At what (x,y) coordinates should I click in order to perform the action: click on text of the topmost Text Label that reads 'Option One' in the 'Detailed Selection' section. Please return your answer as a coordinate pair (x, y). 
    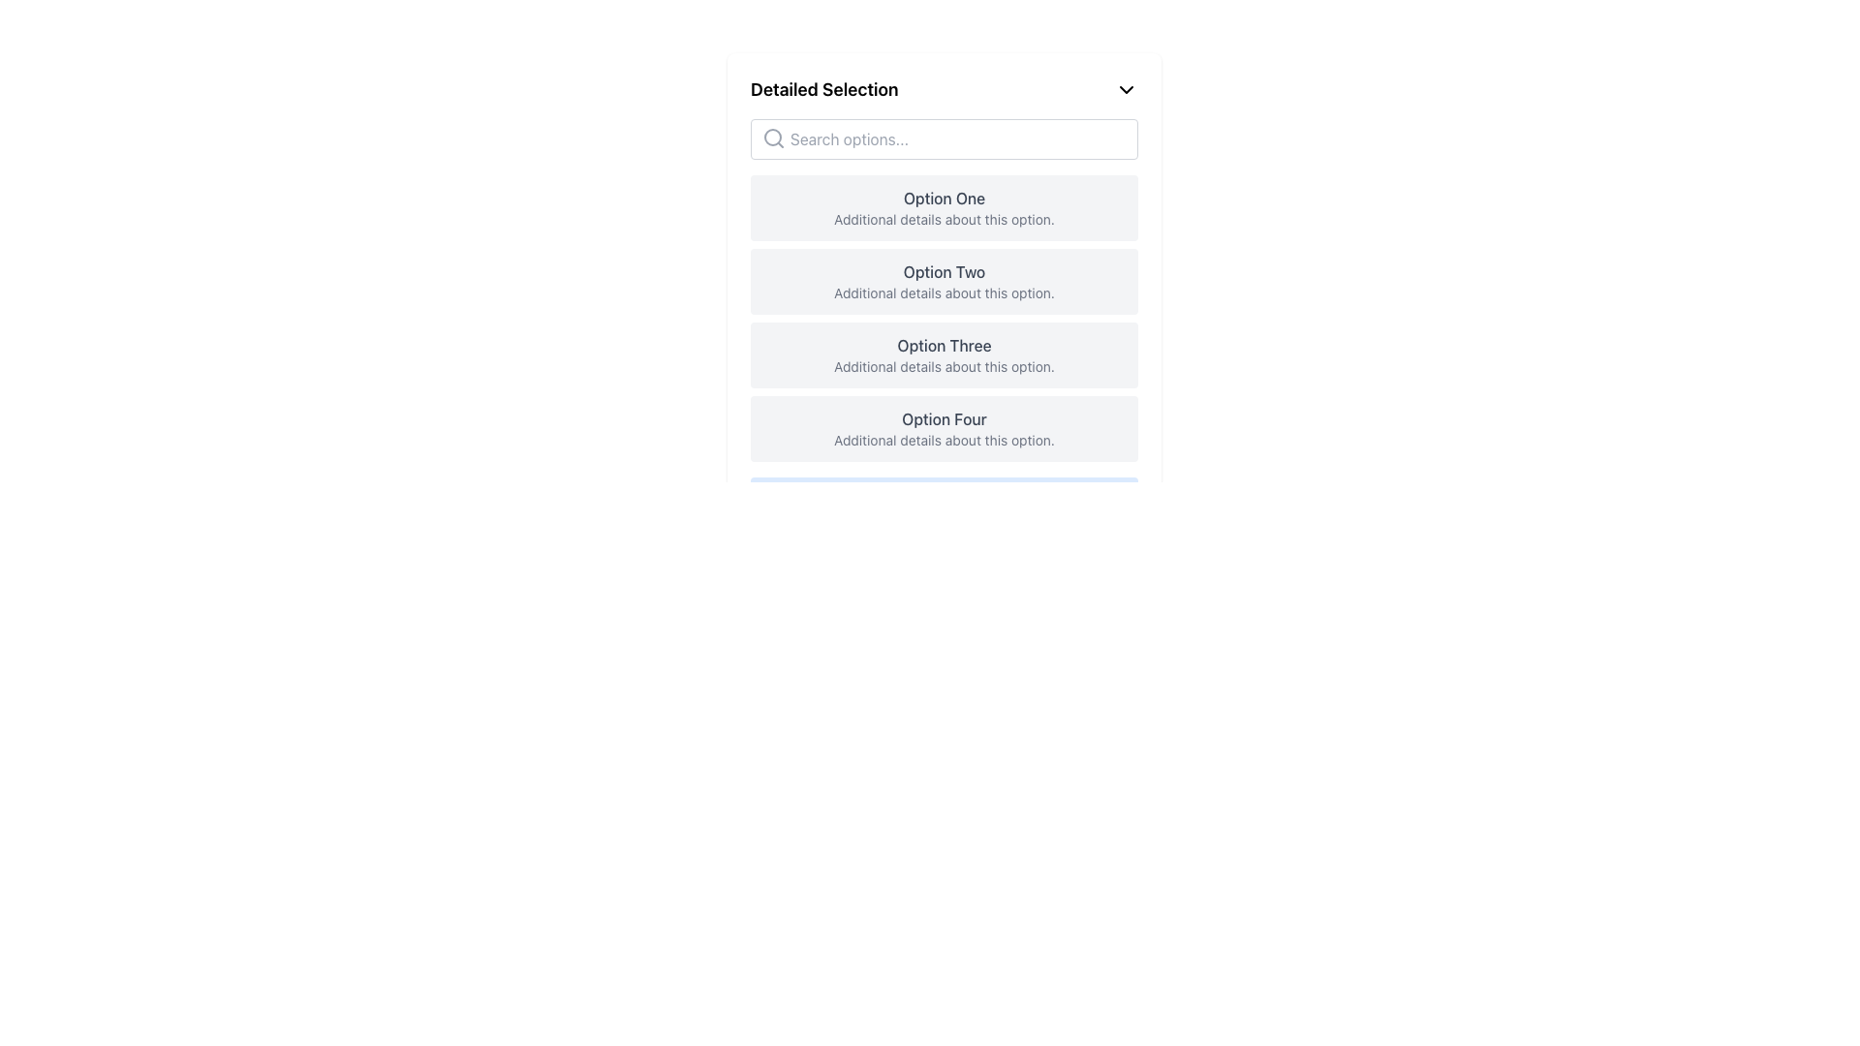
    Looking at the image, I should click on (944, 198).